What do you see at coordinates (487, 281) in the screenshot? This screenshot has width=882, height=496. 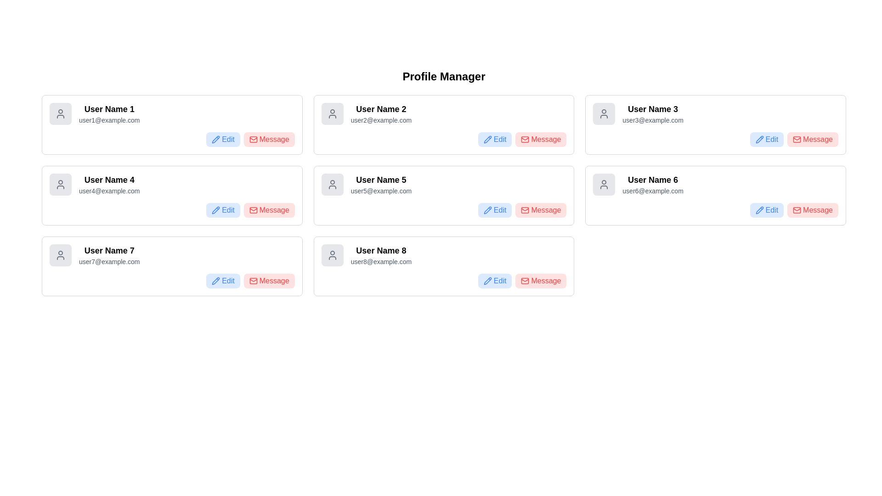 I see `the 'Edit' icon associated with 'User Name 8'` at bounding box center [487, 281].